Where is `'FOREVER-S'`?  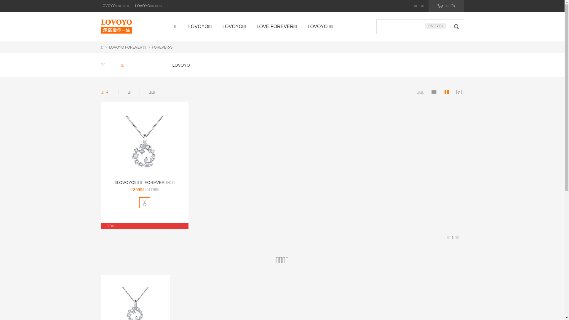 'FOREVER-S' is located at coordinates (162, 47).